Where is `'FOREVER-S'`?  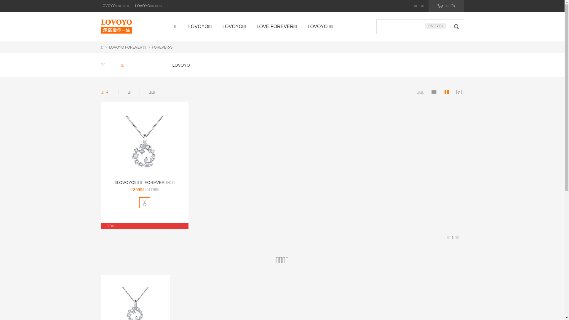 'FOREVER-S' is located at coordinates (162, 47).